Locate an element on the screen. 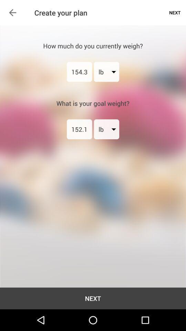 The image size is (186, 331). the item below the what is your item is located at coordinates (79, 129).